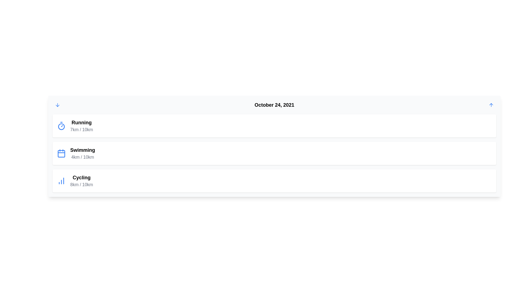  Describe the element at coordinates (61, 126) in the screenshot. I see `the timer icon representing time tracking for the 'Running' activity, which is the first icon on the left of the activity card at the top of the list` at that location.